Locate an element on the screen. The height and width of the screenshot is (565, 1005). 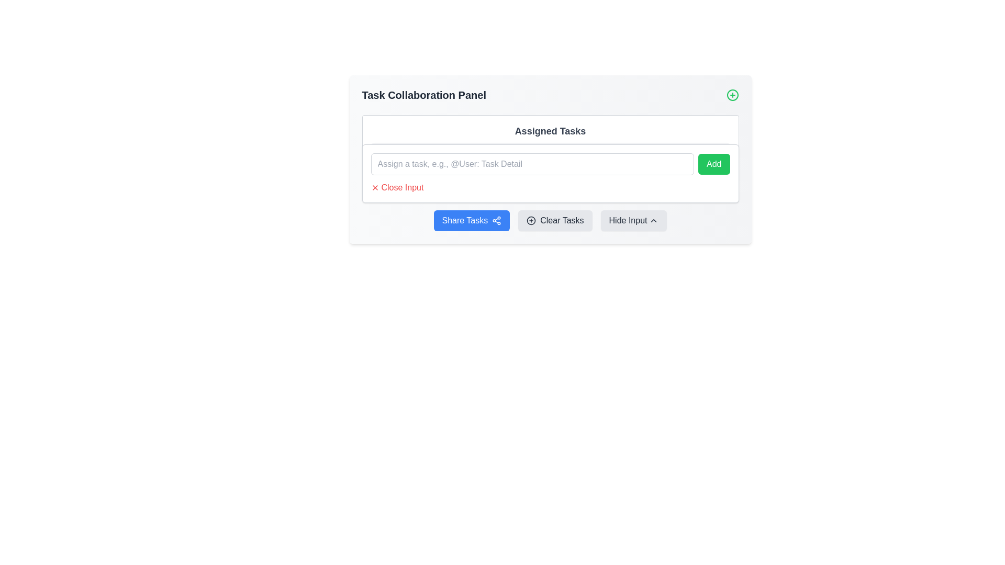
the button located in the top-right corner of the 'Task Collaboration Panel' heading bar is located at coordinates (732, 95).